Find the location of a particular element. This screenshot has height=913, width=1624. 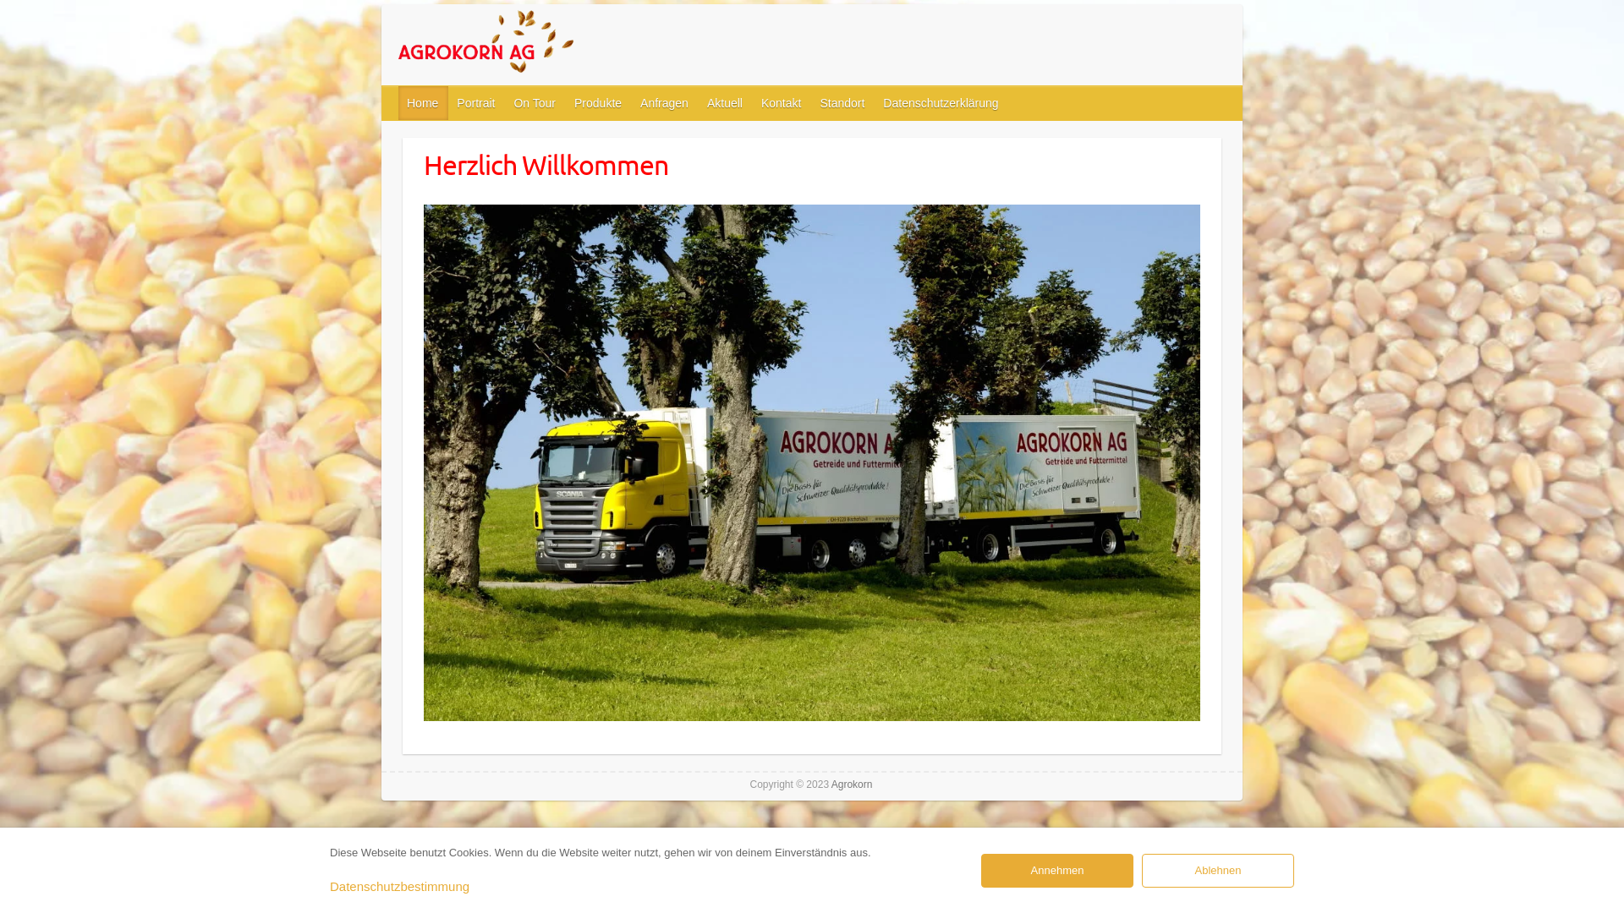

'Agrokorn' is located at coordinates (524, 44).